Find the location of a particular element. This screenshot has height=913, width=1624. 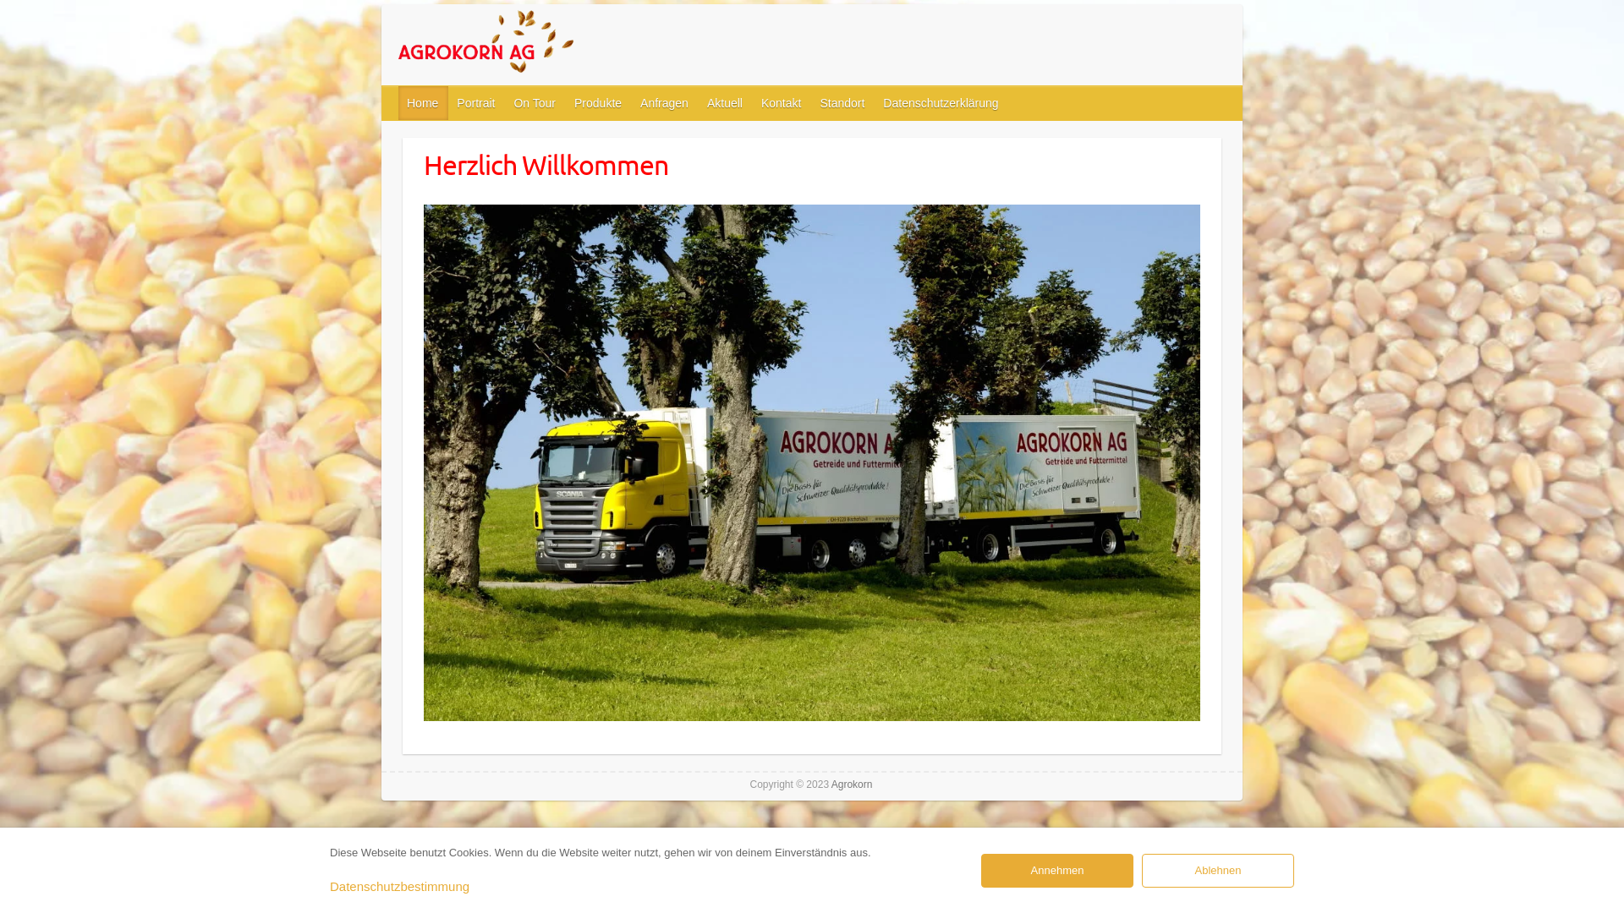

'Agrokorn' is located at coordinates (524, 44).